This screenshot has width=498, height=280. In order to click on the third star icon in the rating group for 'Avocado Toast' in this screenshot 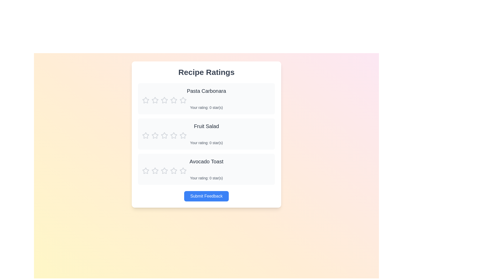, I will do `click(155, 171)`.